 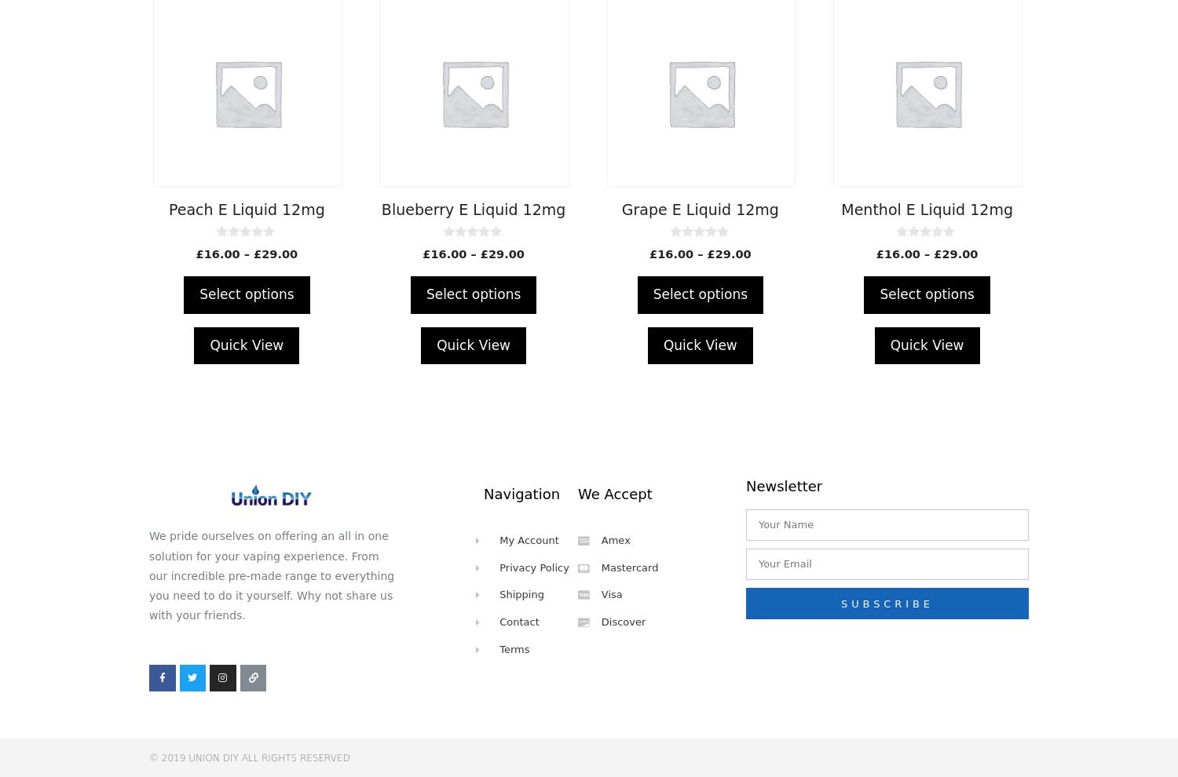 I want to click on 'Mastercard', so click(x=629, y=566).